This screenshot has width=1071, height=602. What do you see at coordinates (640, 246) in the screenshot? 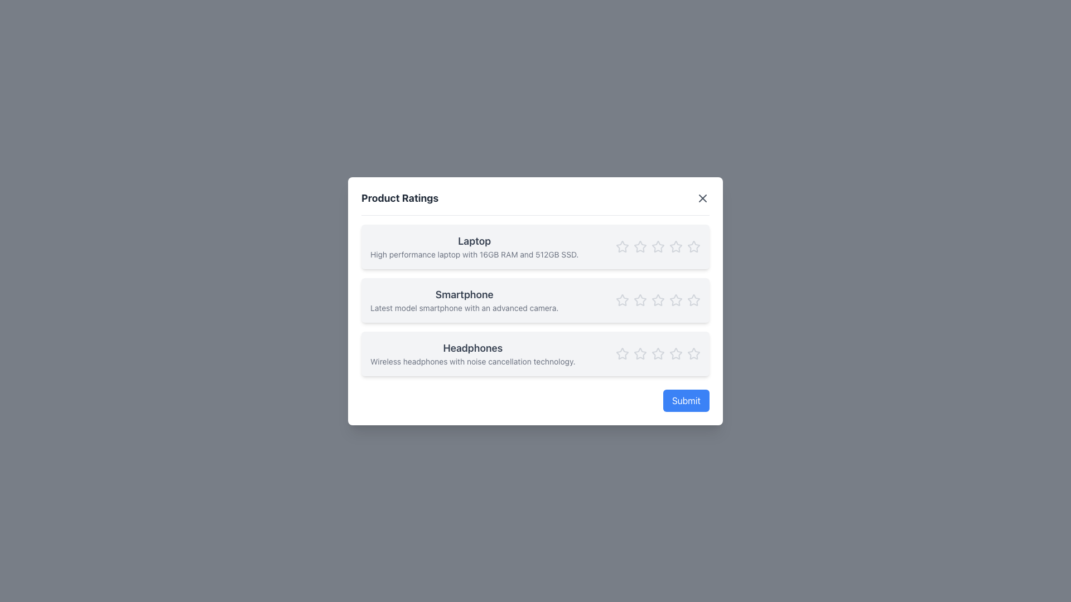
I see `the second star icon in the 5-star rating system under the 'Laptop' category` at bounding box center [640, 246].